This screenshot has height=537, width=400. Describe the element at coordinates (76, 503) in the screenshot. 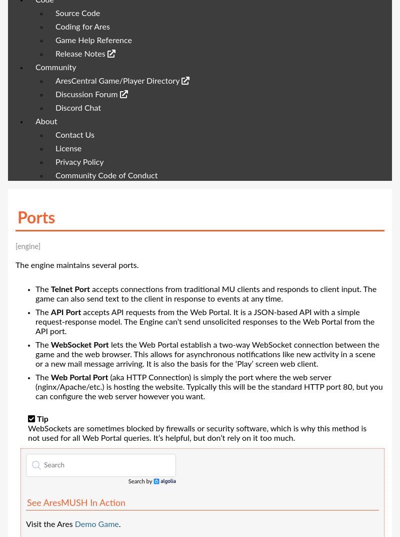

I see `'See AresMUSH In Action'` at that location.